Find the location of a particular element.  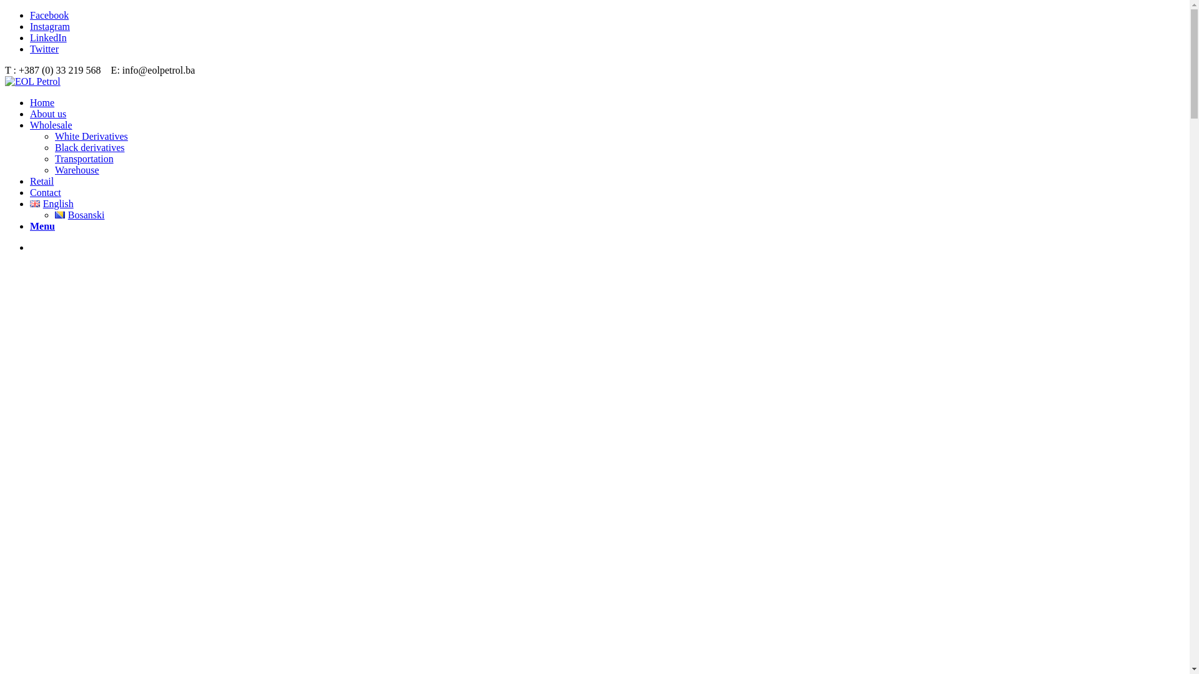

'Instagram' is located at coordinates (50, 26).